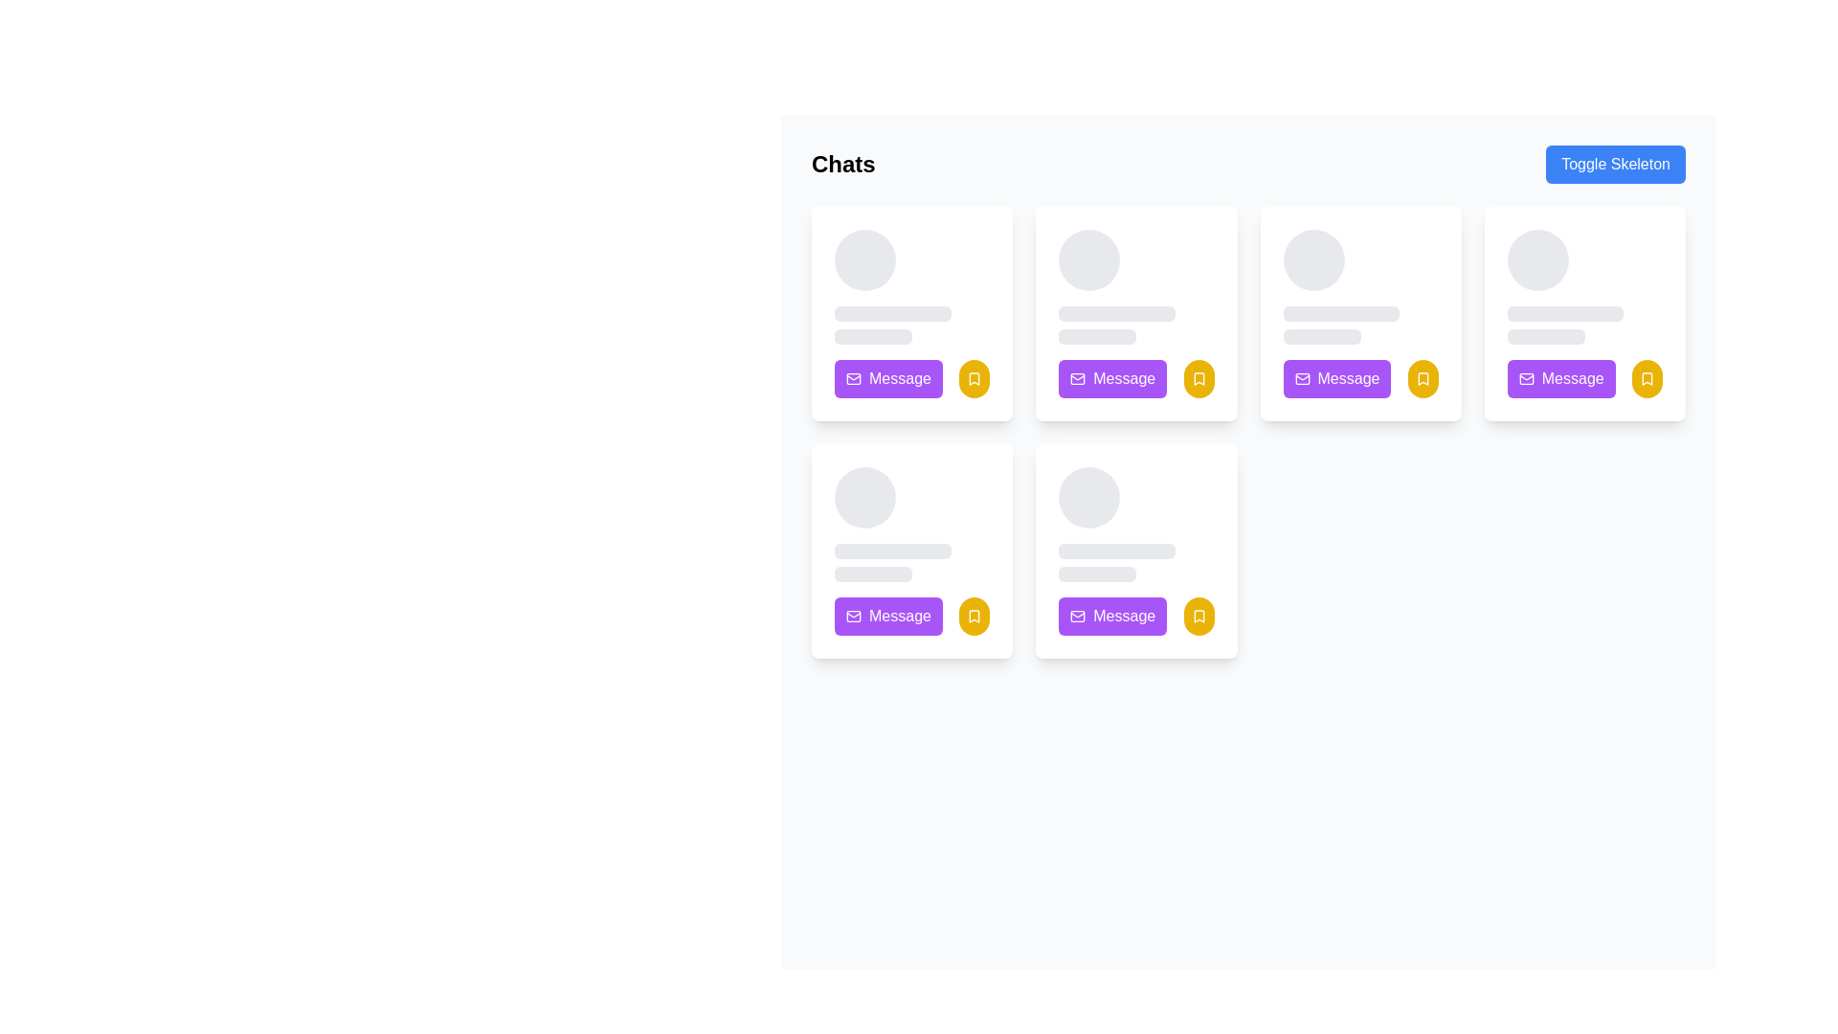  I want to click on the small purple and white envelope icon located immediately to the left of the purple 'Message' button to interact with it, so click(1078, 379).